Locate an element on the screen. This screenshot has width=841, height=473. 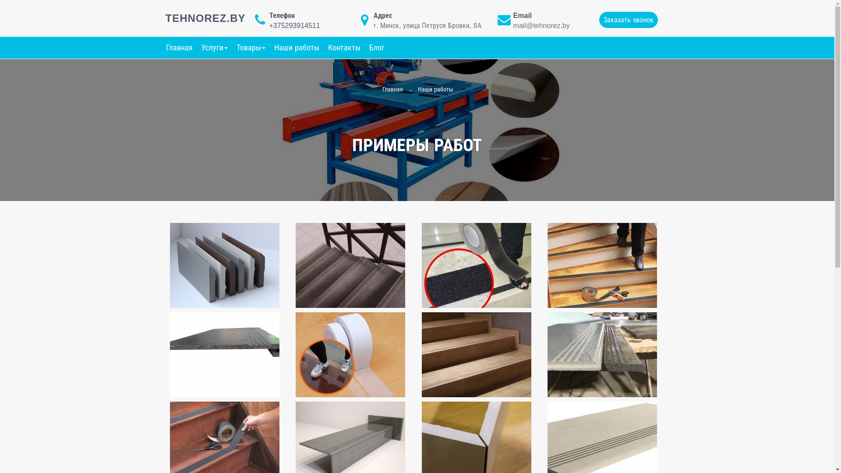
'TEHNOREZ.BY' is located at coordinates (205, 18).